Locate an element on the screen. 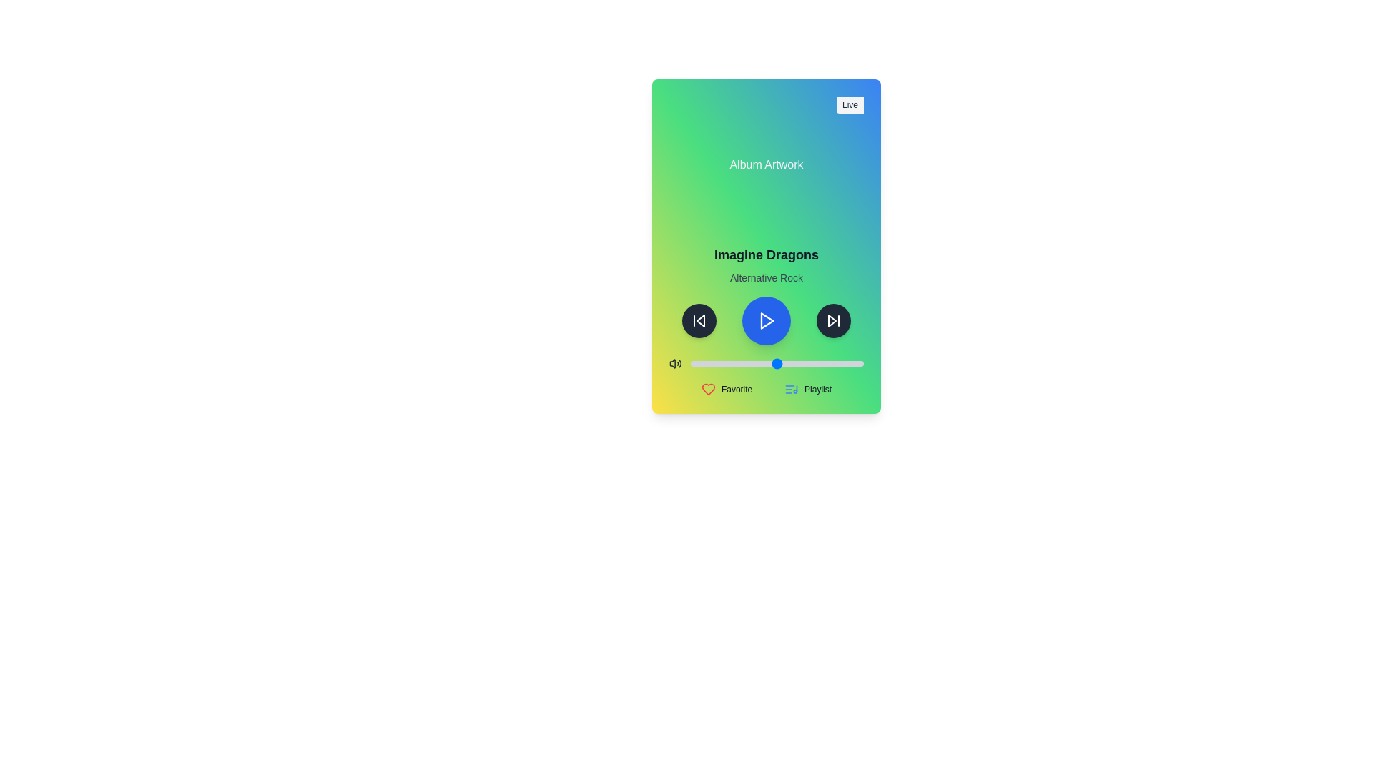 This screenshot has height=772, width=1373. the 'play' icon located at the center of the blue circular button is located at coordinates (767, 320).